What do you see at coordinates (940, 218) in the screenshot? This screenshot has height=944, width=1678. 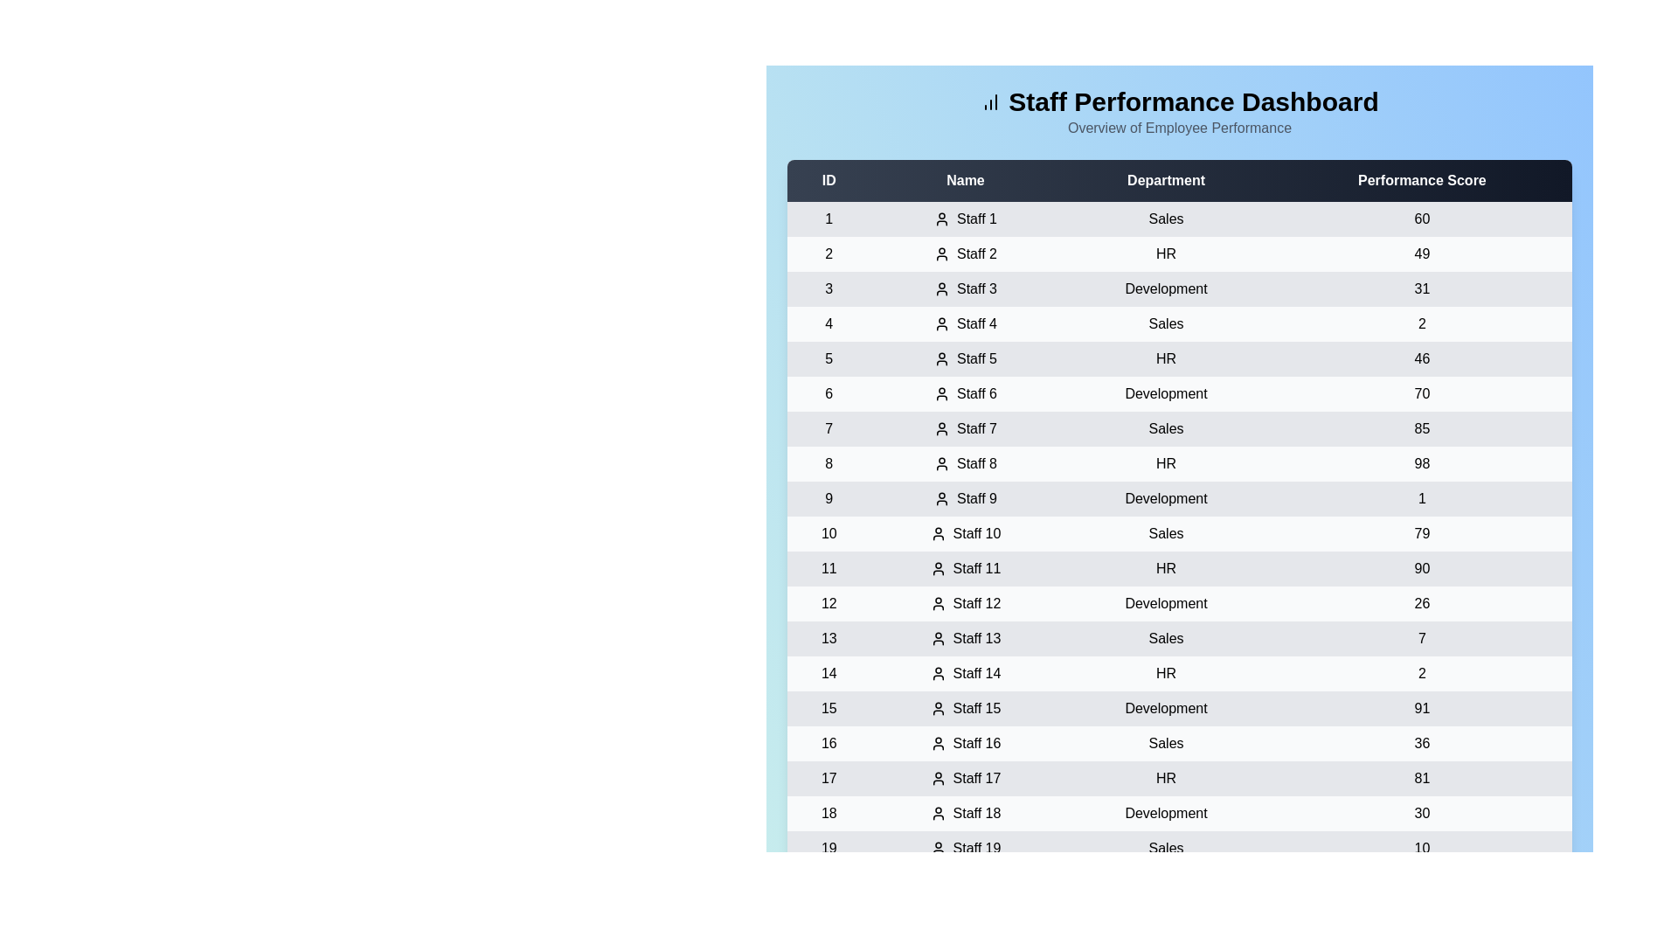 I see `the user icon next to the staff name to view the user details` at bounding box center [940, 218].